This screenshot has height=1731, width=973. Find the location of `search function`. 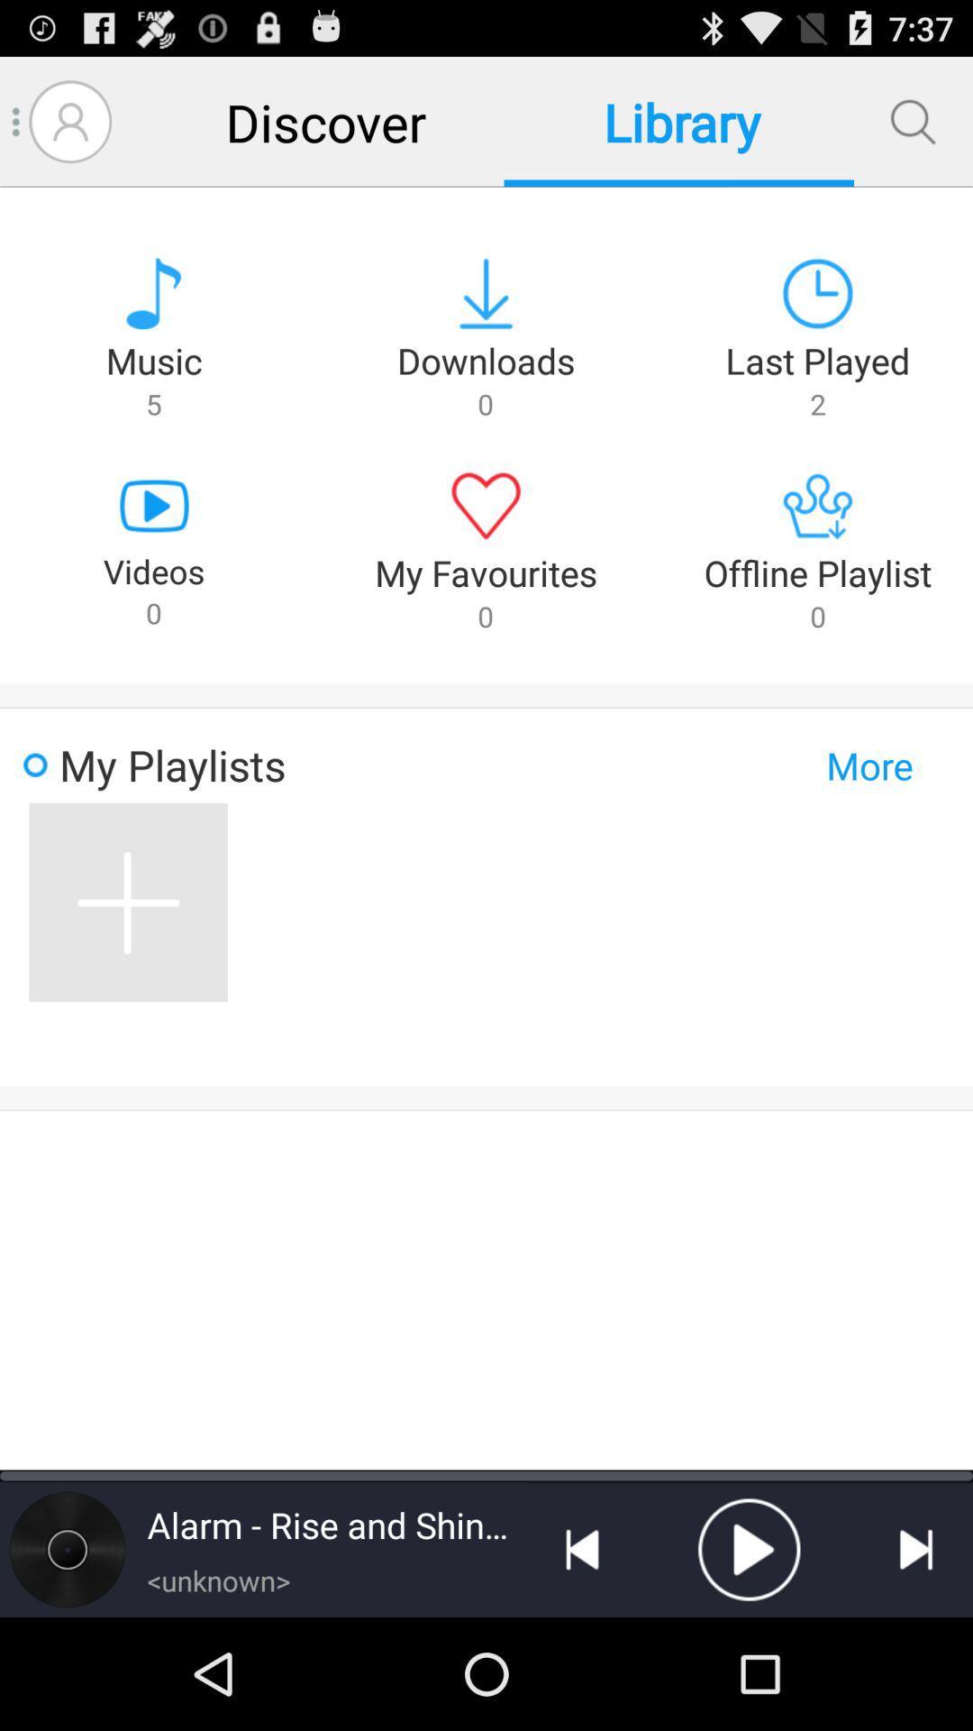

search function is located at coordinates (913, 121).